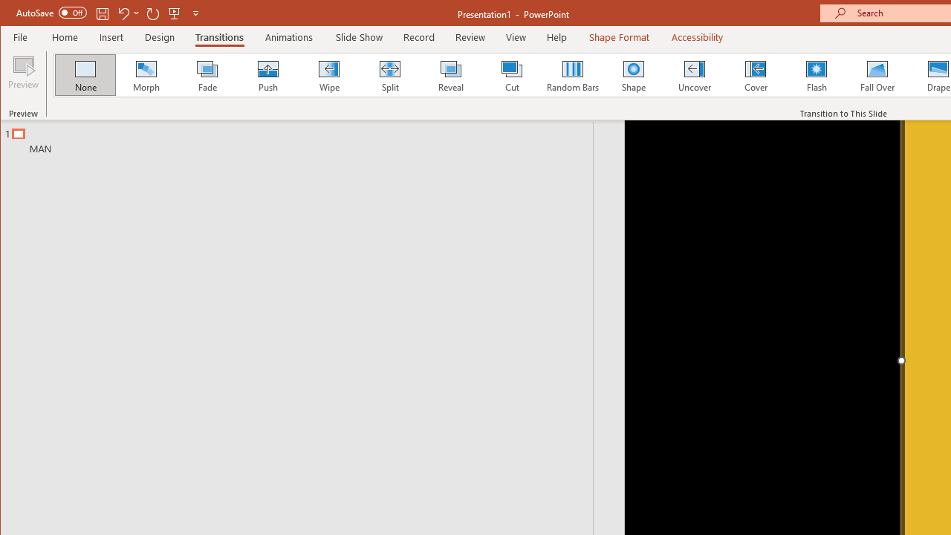 The width and height of the screenshot is (951, 535). I want to click on 'Wipe', so click(328, 74).